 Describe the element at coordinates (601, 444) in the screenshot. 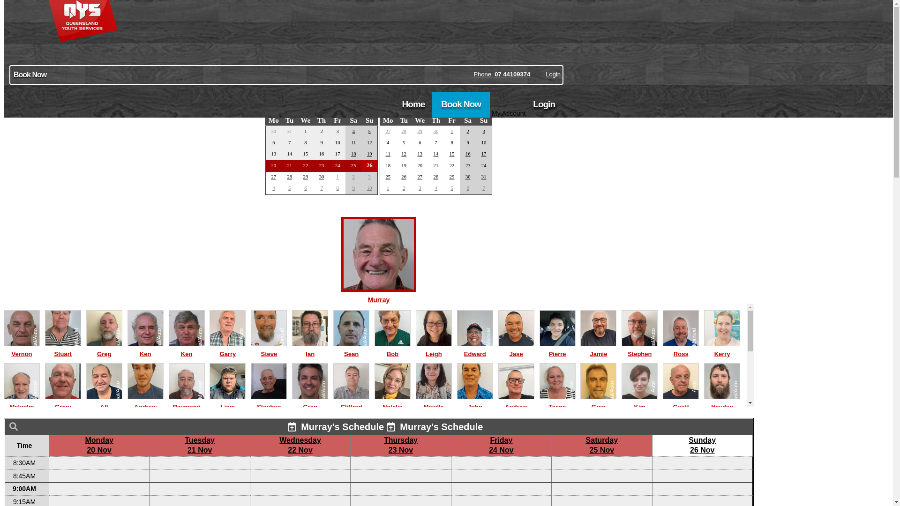

I see `'Saturday` at that location.